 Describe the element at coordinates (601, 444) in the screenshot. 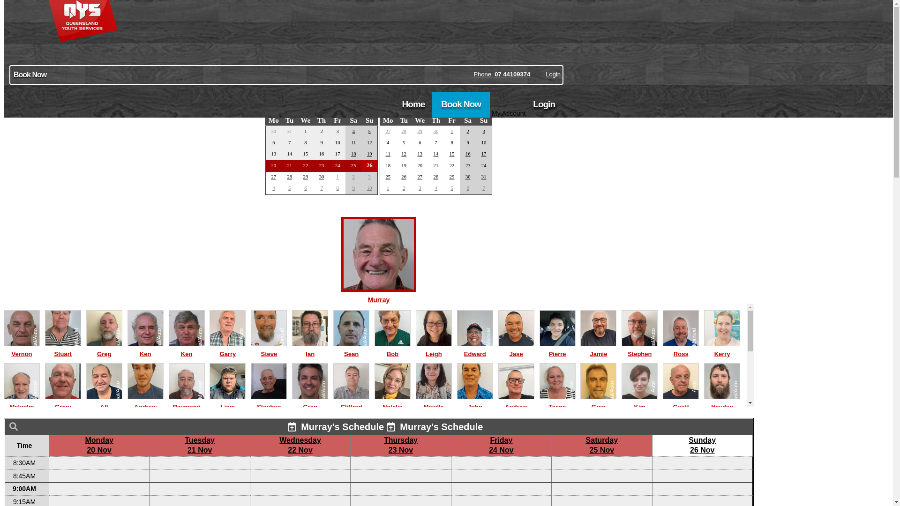

I see `'Saturday` at that location.